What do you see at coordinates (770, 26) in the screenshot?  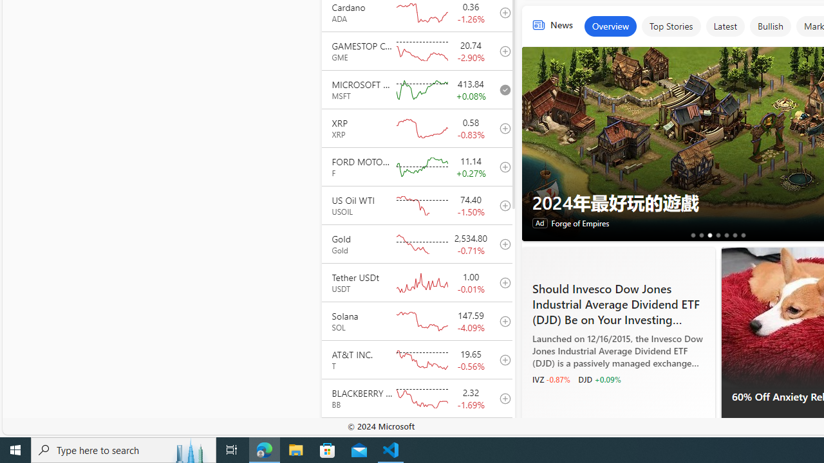 I see `'Bullish'` at bounding box center [770, 26].